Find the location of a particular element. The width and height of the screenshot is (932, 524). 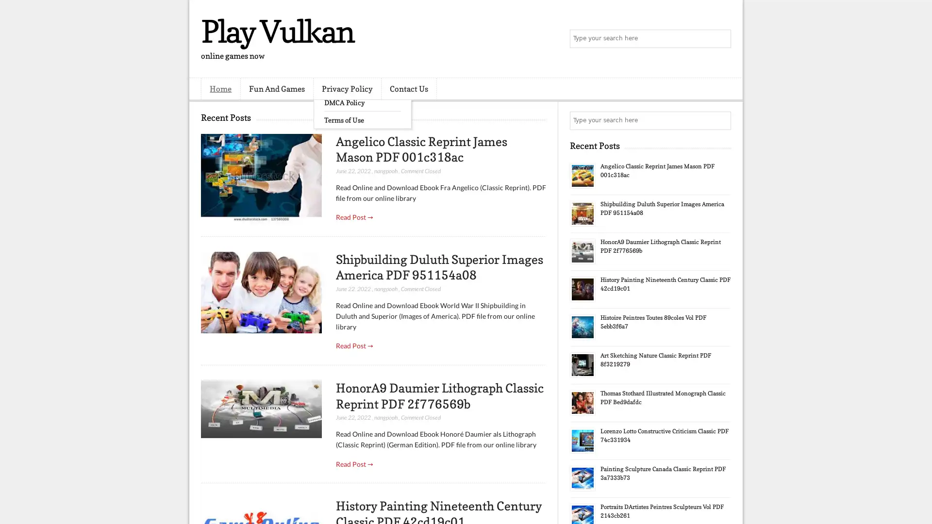

Search is located at coordinates (721, 39).